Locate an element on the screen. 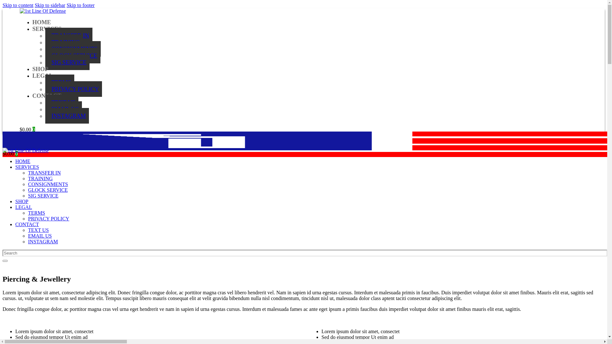 Image resolution: width=612 pixels, height=344 pixels. 'EMAIL US' is located at coordinates (64, 109).